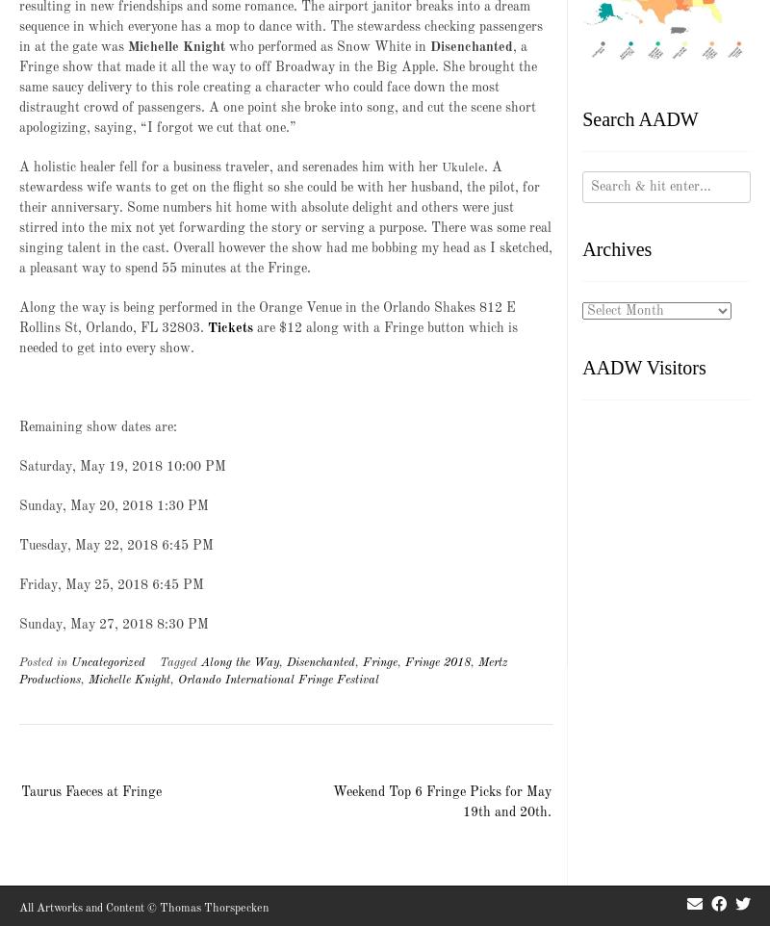 This screenshot has width=770, height=926. I want to click on '. A stewardess wife wants to get on the flight so she could be with her husband, the pilot, for their anniversary. Some numbers hit home with absolute delight and others were just stirred into the mix not yet forwarding the story or serving a purpose. There was some real singing talent in the cast. Overall however the show had me bobbing my head as I sketched, a pleasant way to spend 55 minutes at the Fringe.', so click(286, 216).